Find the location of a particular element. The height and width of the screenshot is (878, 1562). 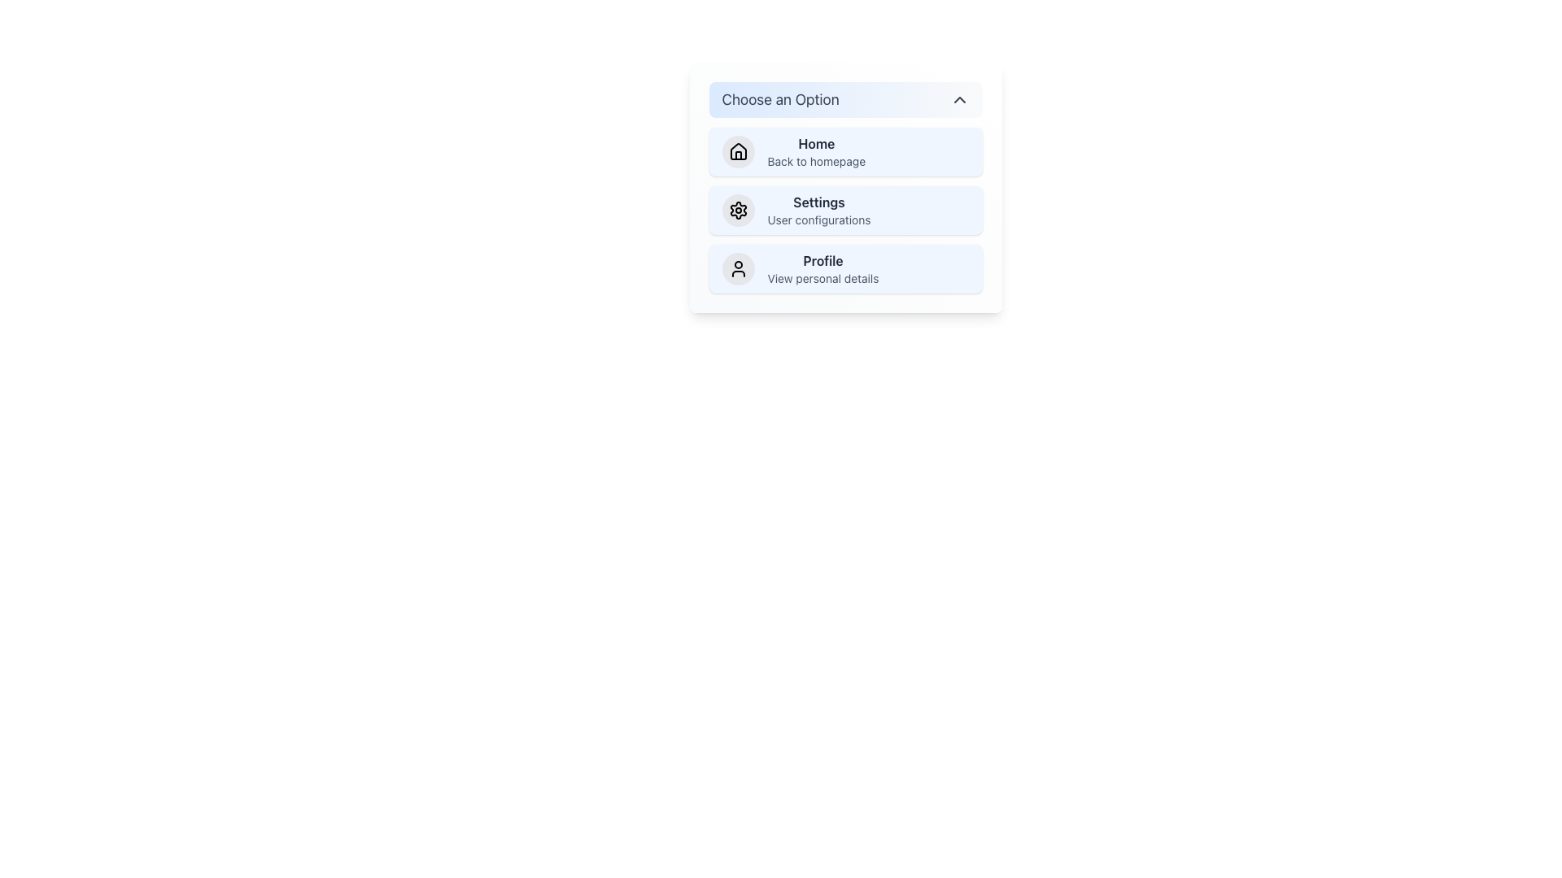

text label that serves as a header for the dropdown menu, positioned at the top center of the menu component is located at coordinates (779, 100).